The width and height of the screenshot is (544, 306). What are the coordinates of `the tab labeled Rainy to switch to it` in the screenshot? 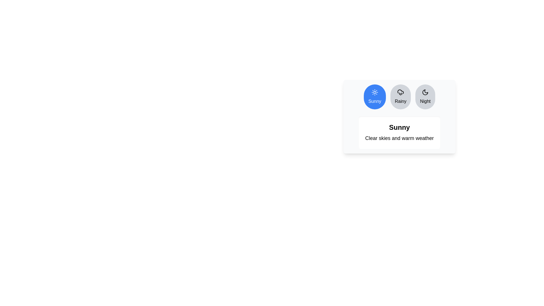 It's located at (400, 97).